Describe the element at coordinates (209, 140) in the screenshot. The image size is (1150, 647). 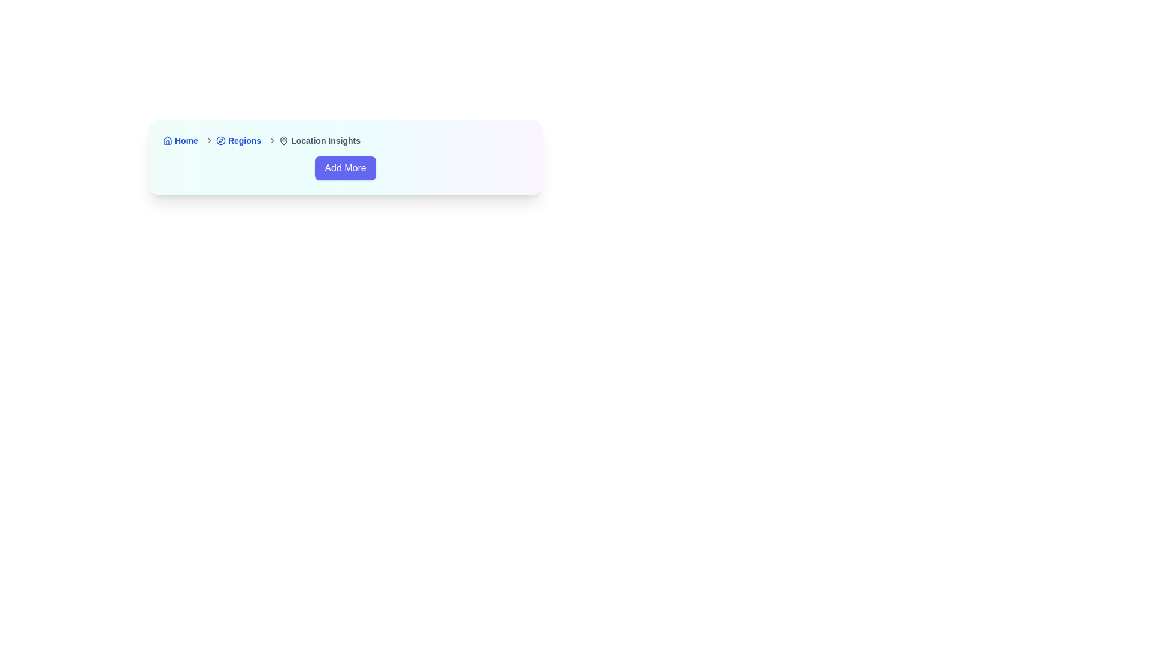
I see `the first chevron icon in the breadcrumb navigation that separates the 'Regions' label from the next breadcrumb item` at that location.